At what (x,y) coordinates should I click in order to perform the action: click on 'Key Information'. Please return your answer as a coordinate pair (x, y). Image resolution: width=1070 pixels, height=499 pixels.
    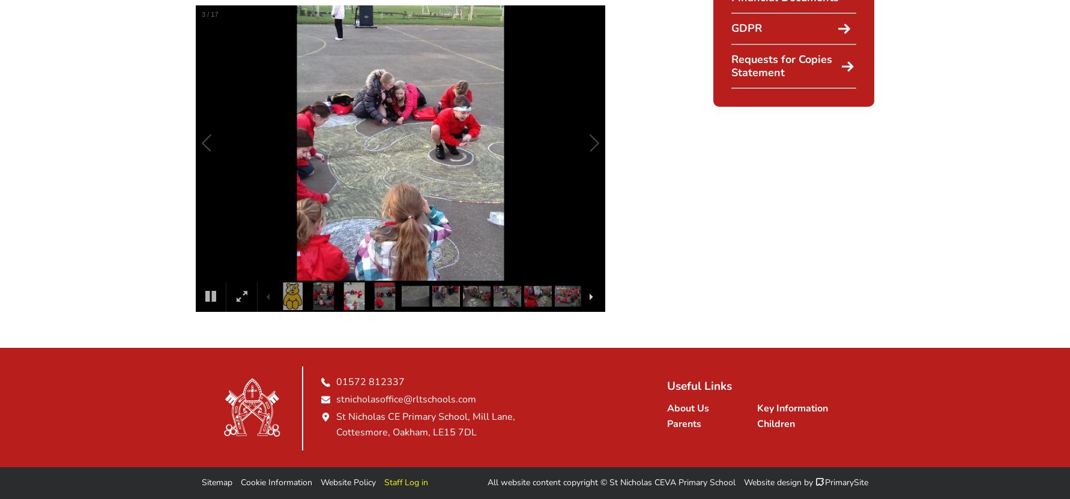
    Looking at the image, I should click on (792, 407).